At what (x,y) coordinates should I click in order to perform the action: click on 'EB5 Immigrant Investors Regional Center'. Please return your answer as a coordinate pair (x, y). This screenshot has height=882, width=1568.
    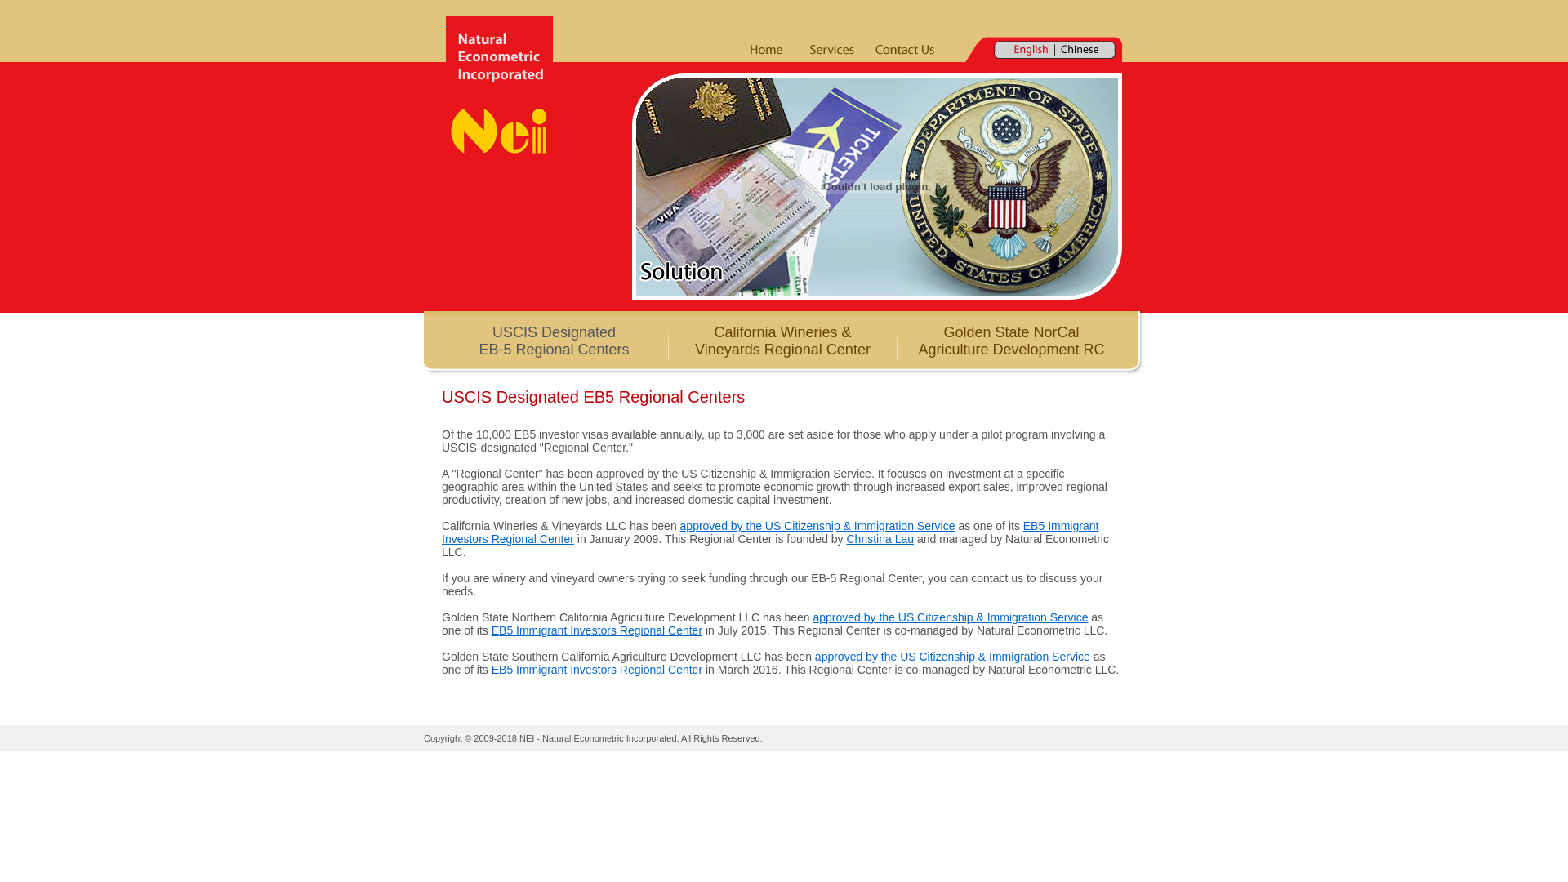
    Looking at the image, I should click on (768, 532).